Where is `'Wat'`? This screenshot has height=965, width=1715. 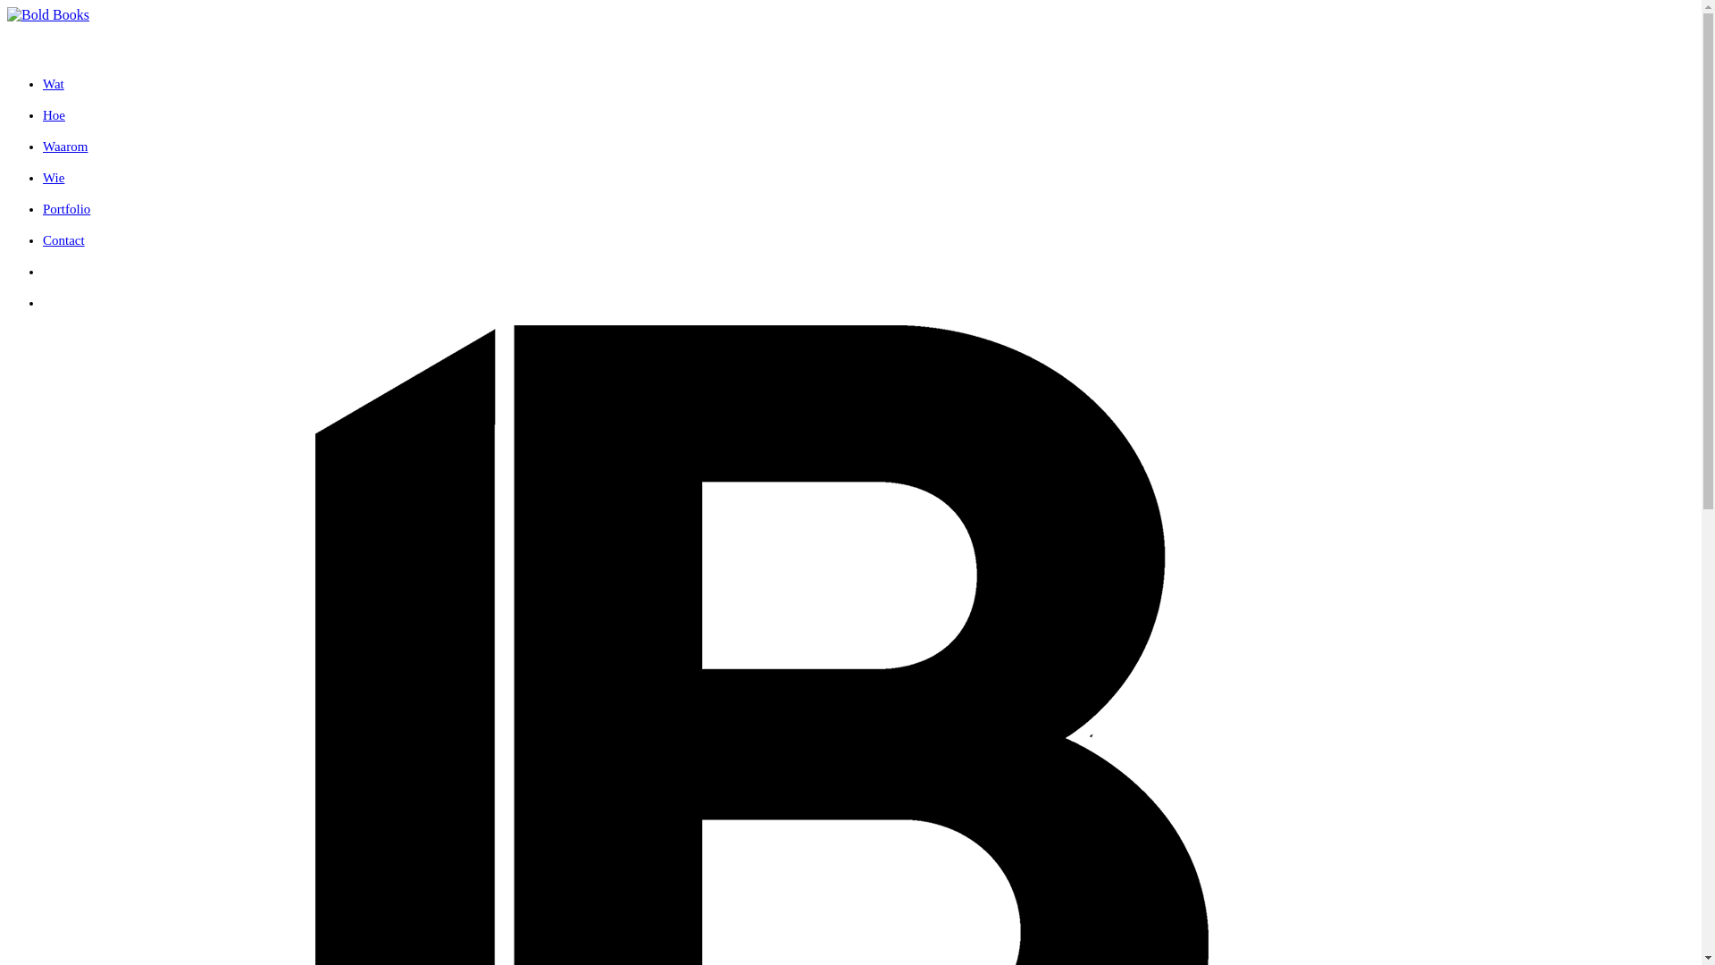
'Wat' is located at coordinates (53, 83).